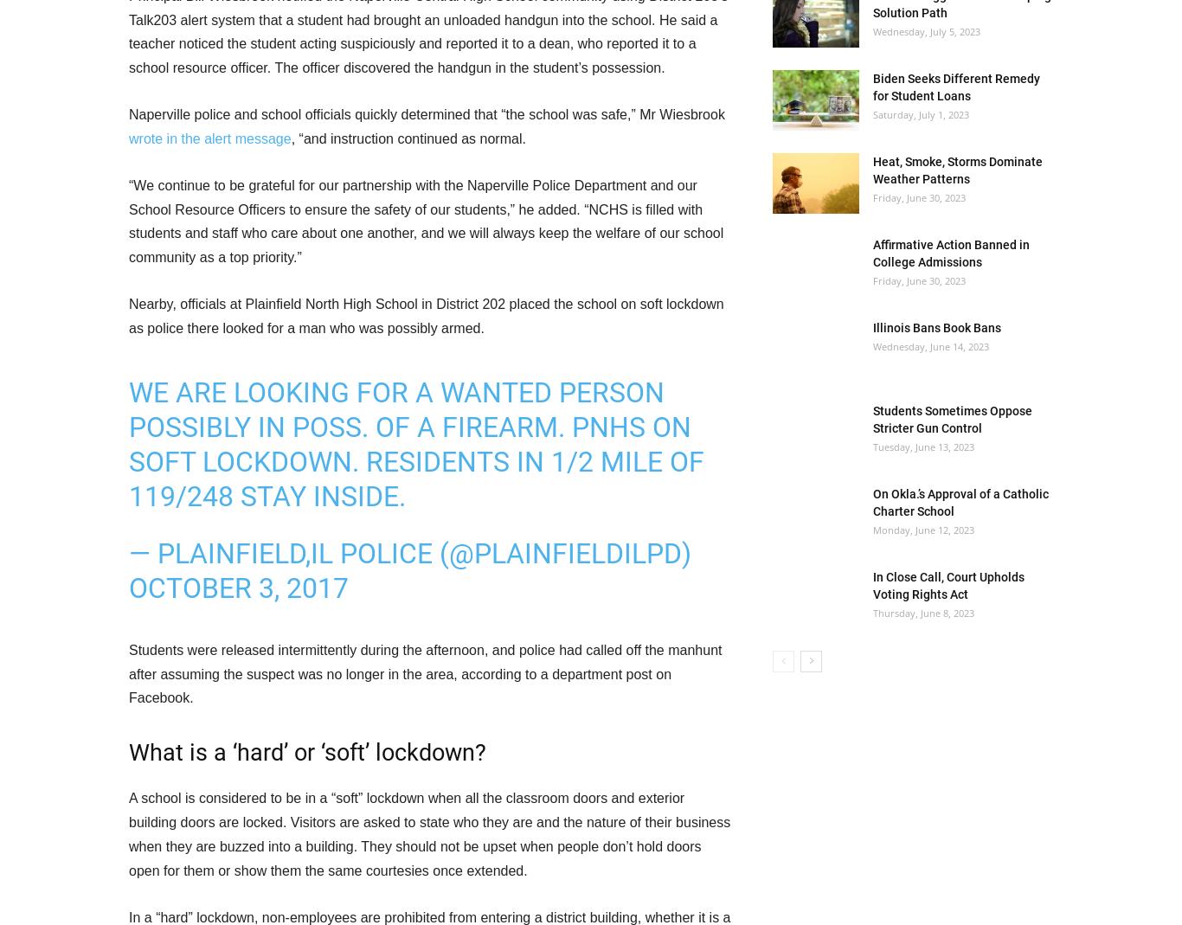  Describe the element at coordinates (426, 220) in the screenshot. I see `'“We continue to be grateful for our partnership with the Naperville Police Department and our School Resource Officers to ensure the safety of our students,” he added. “NCHS is filled with students and staff who care about one another, and we will always keep the welfare of our school community as a top priority.”'` at that location.